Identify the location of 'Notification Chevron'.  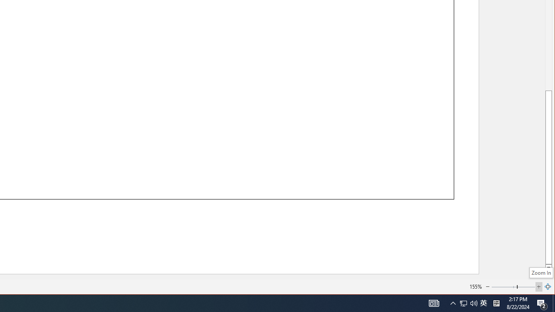
(453, 302).